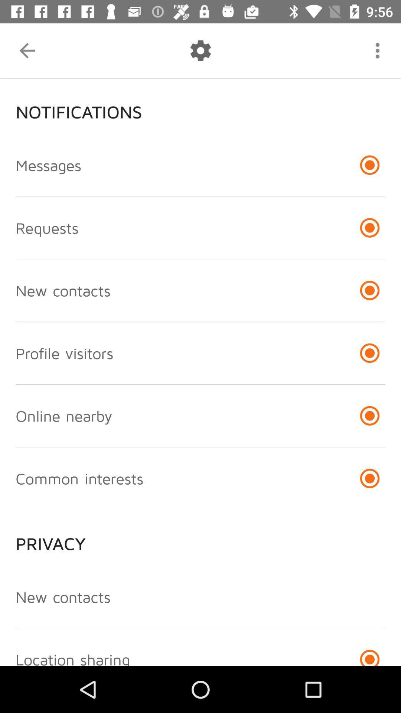 The height and width of the screenshot is (713, 401). Describe the element at coordinates (64, 352) in the screenshot. I see `profile visitors` at that location.